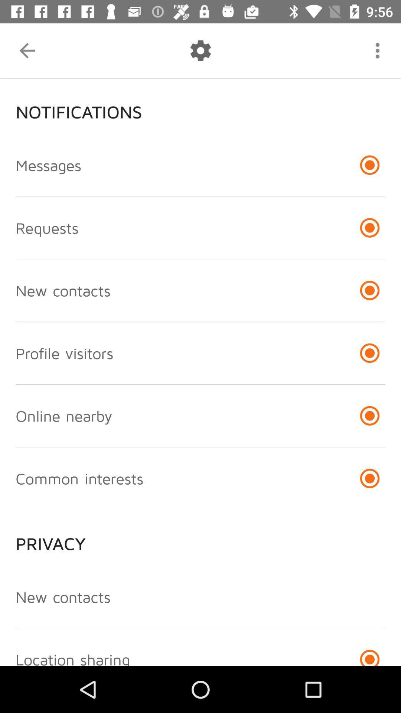 The height and width of the screenshot is (713, 401). Describe the element at coordinates (64, 352) in the screenshot. I see `profile visitors` at that location.